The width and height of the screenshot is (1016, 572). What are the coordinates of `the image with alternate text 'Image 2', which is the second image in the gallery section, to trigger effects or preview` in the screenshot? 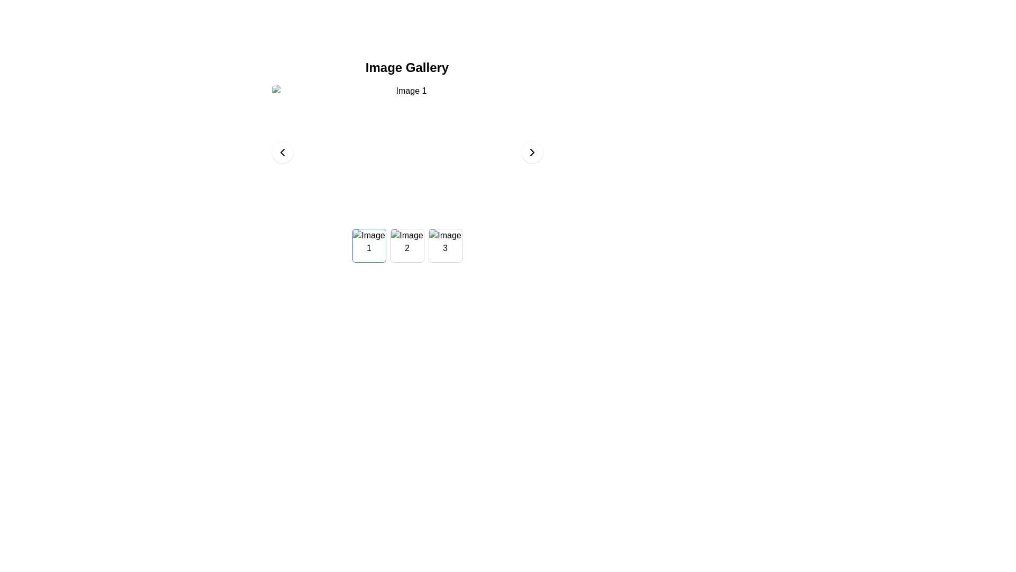 It's located at (406, 245).